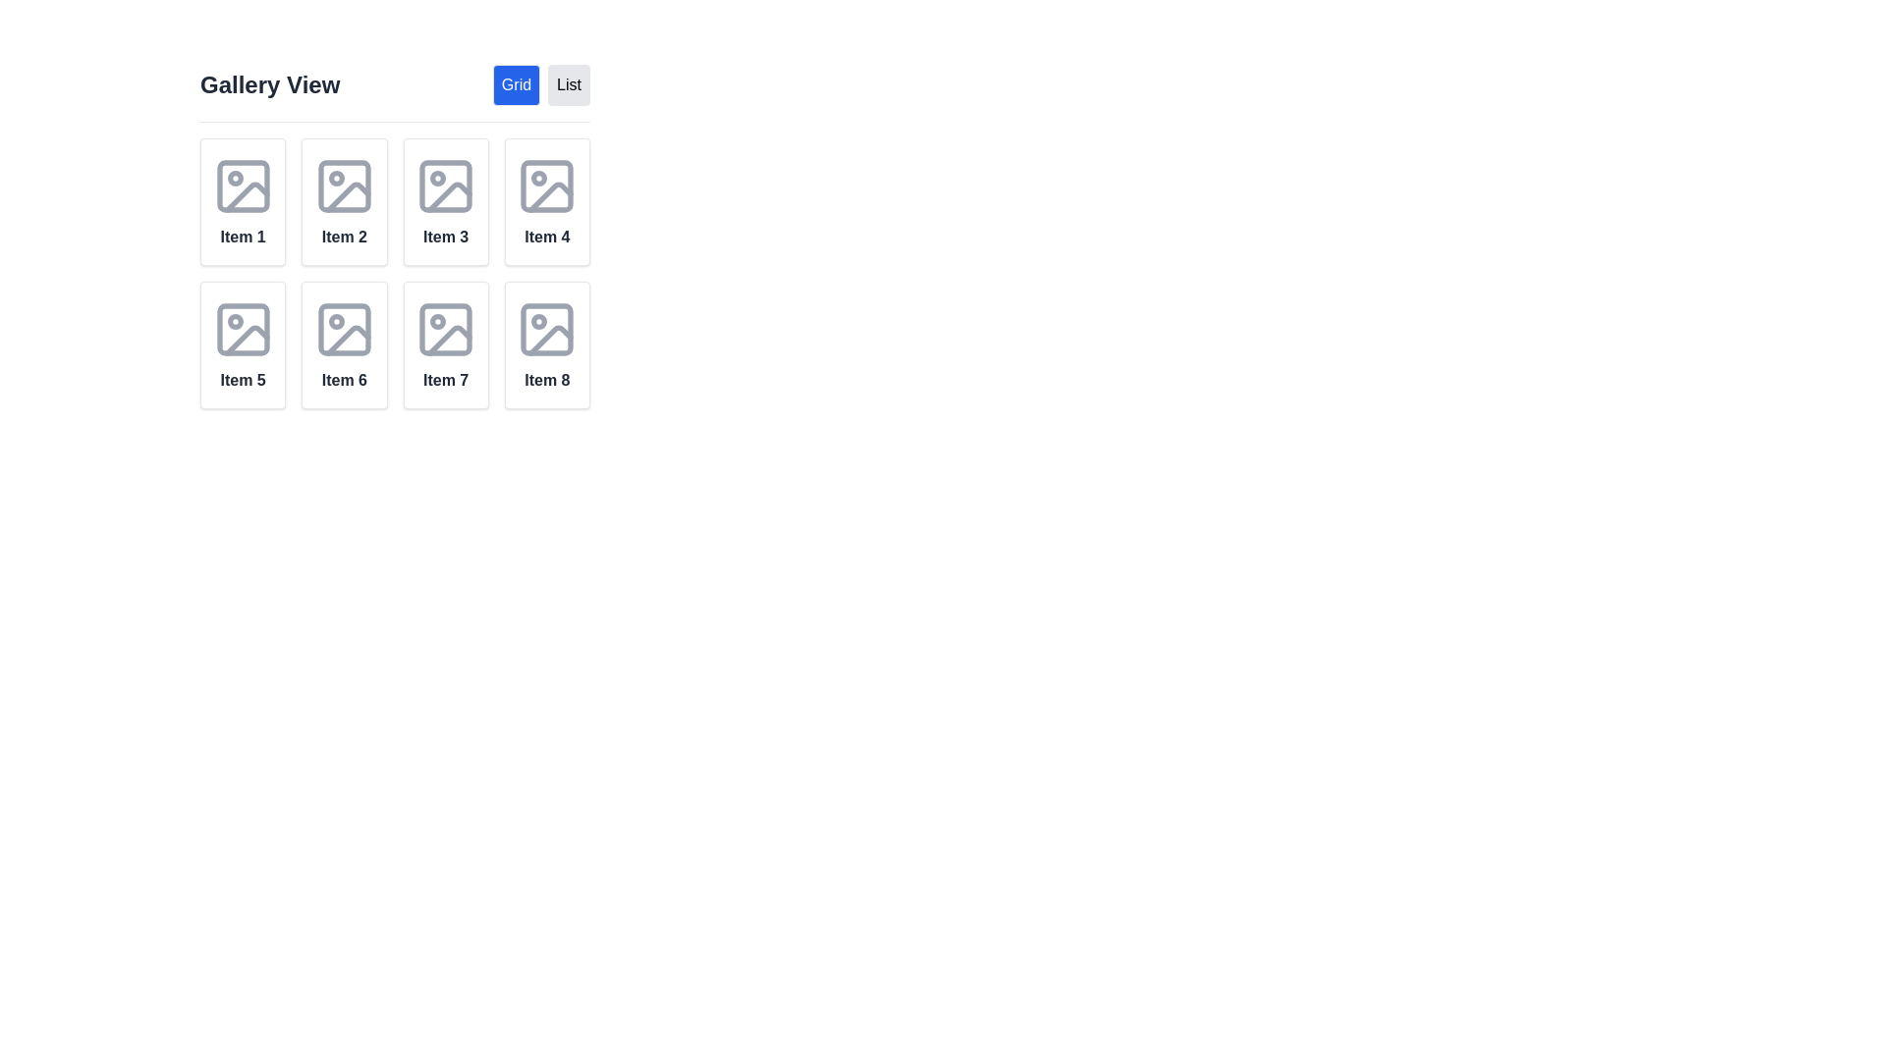 This screenshot has width=1886, height=1060. I want to click on the Card element labeled 'Item 6', so click(344, 344).